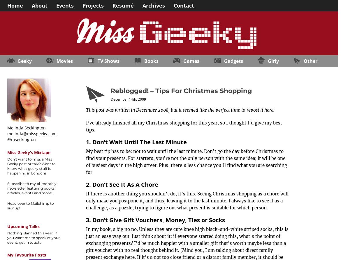 Image resolution: width=341 pixels, height=260 pixels. Describe the element at coordinates (15, 6) in the screenshot. I see `'Home'` at that location.